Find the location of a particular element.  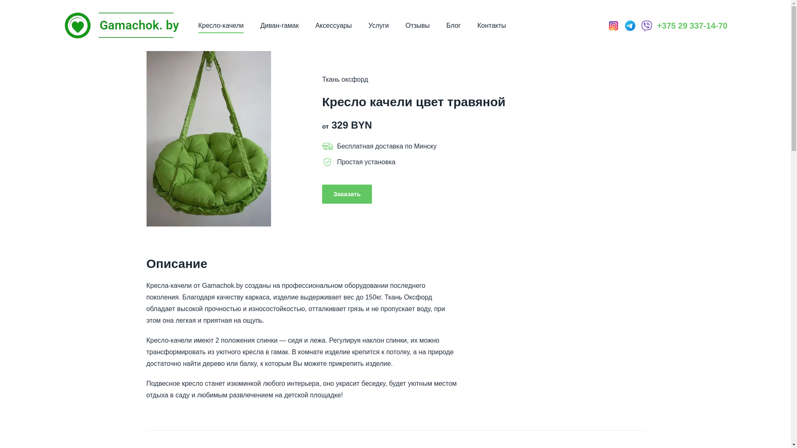

'+375 29 337-14-70' is located at coordinates (692, 25).